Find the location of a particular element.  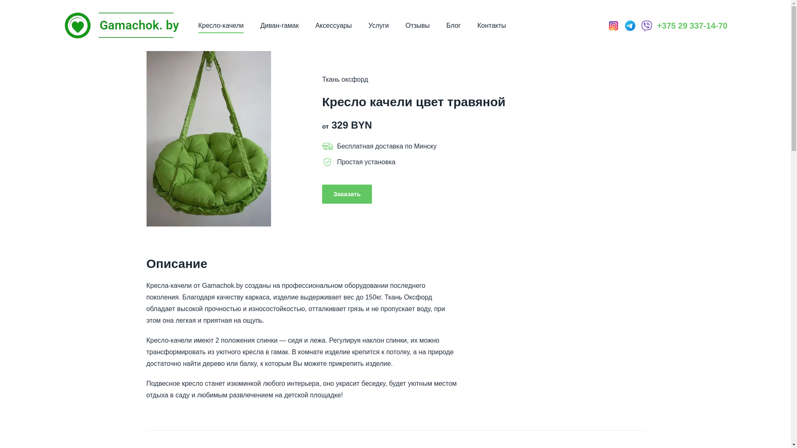

'+375 29 337-14-70' is located at coordinates (692, 25).